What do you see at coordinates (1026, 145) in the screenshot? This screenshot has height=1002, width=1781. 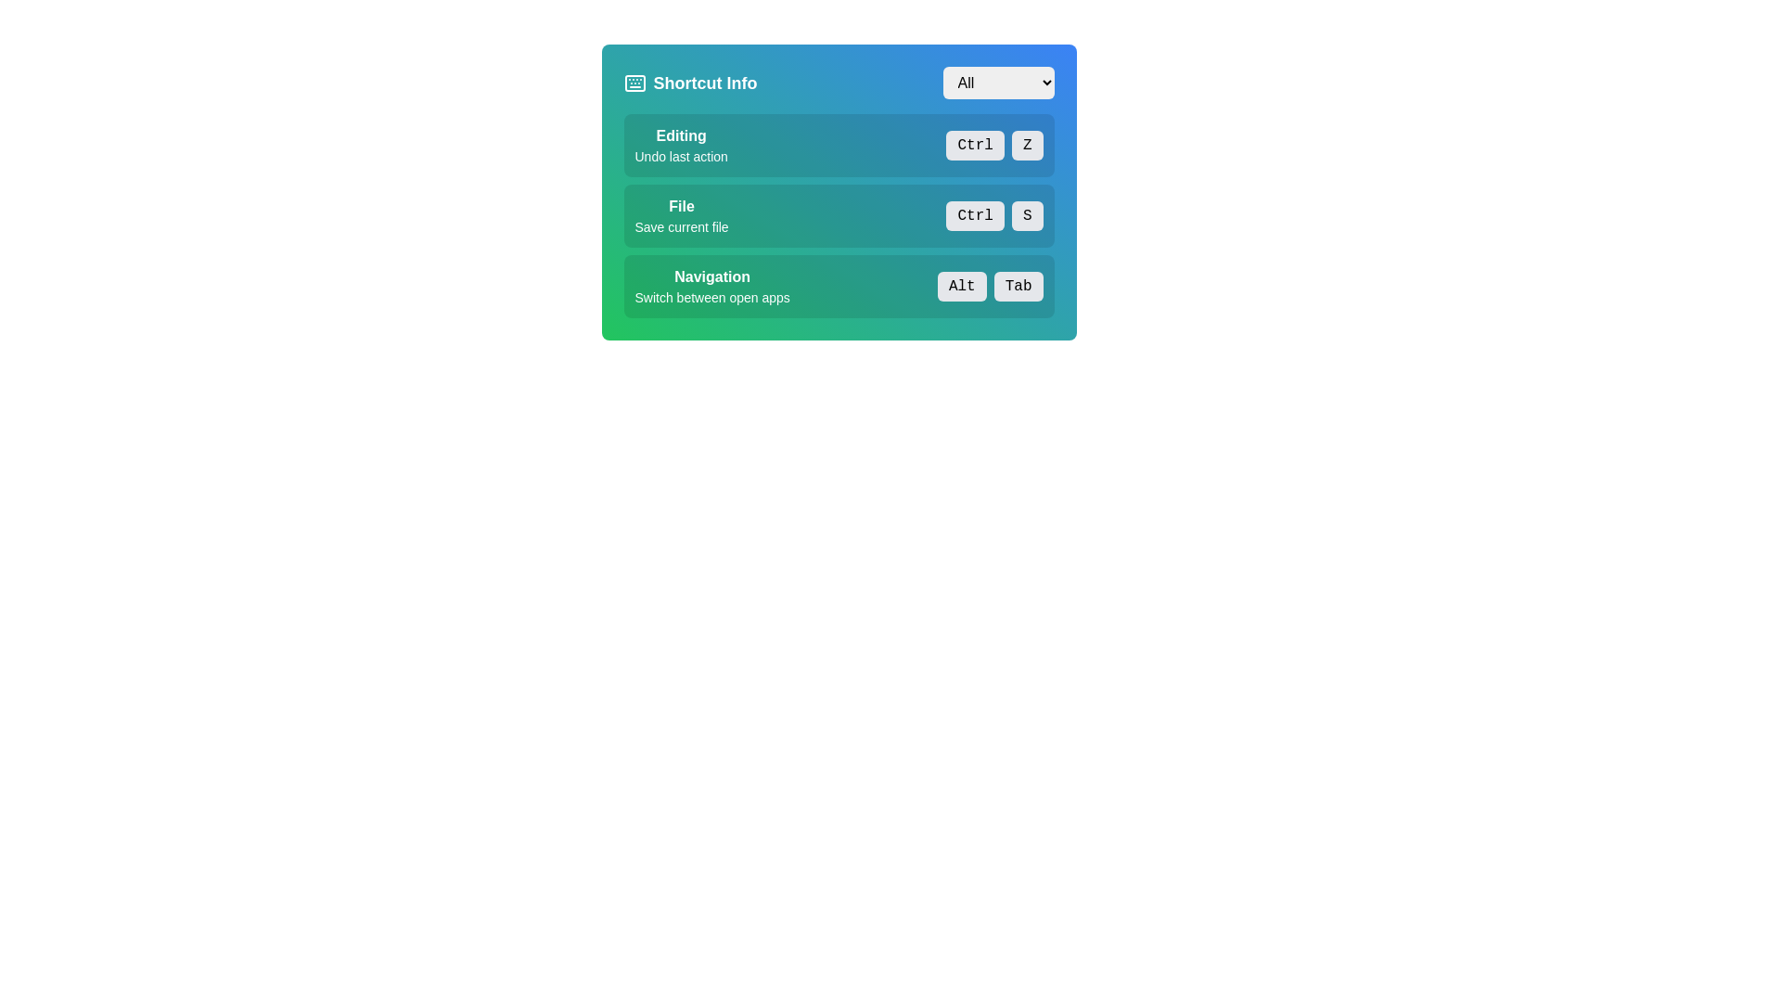 I see `the button labeled 'Z' with a light gray background and black rounded borders, located next to the 'Ctrl' text in the 'Editing' section` at bounding box center [1026, 145].